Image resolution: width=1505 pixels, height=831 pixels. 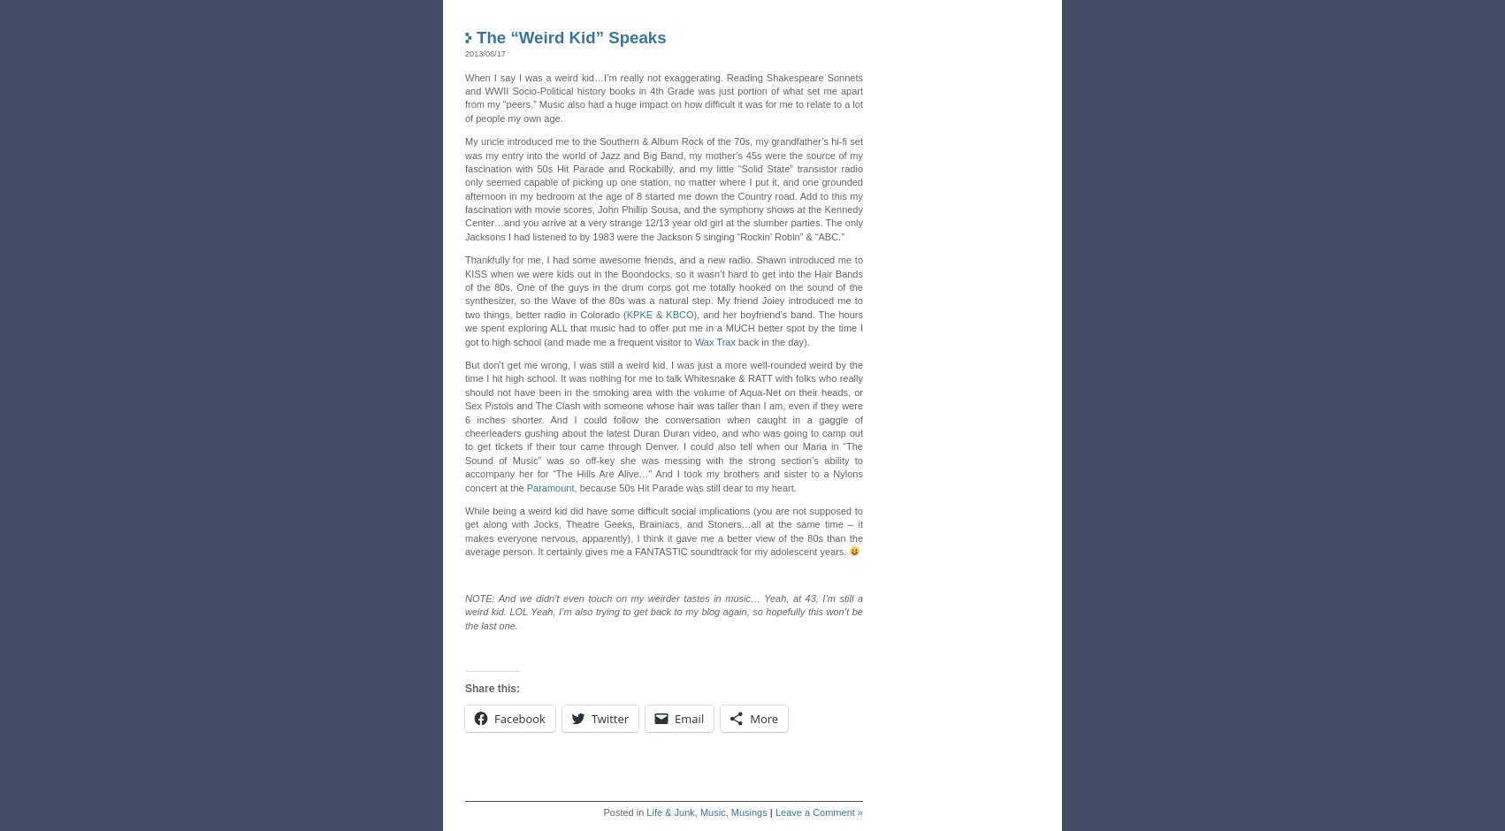 What do you see at coordinates (463, 326) in the screenshot?
I see `'), and her boyfriend’s band. The hours we spent exploring ALL that music had to offer put me in a MUCH better spot by the time I got to high school (and made me a frequent visitor to'` at bounding box center [463, 326].